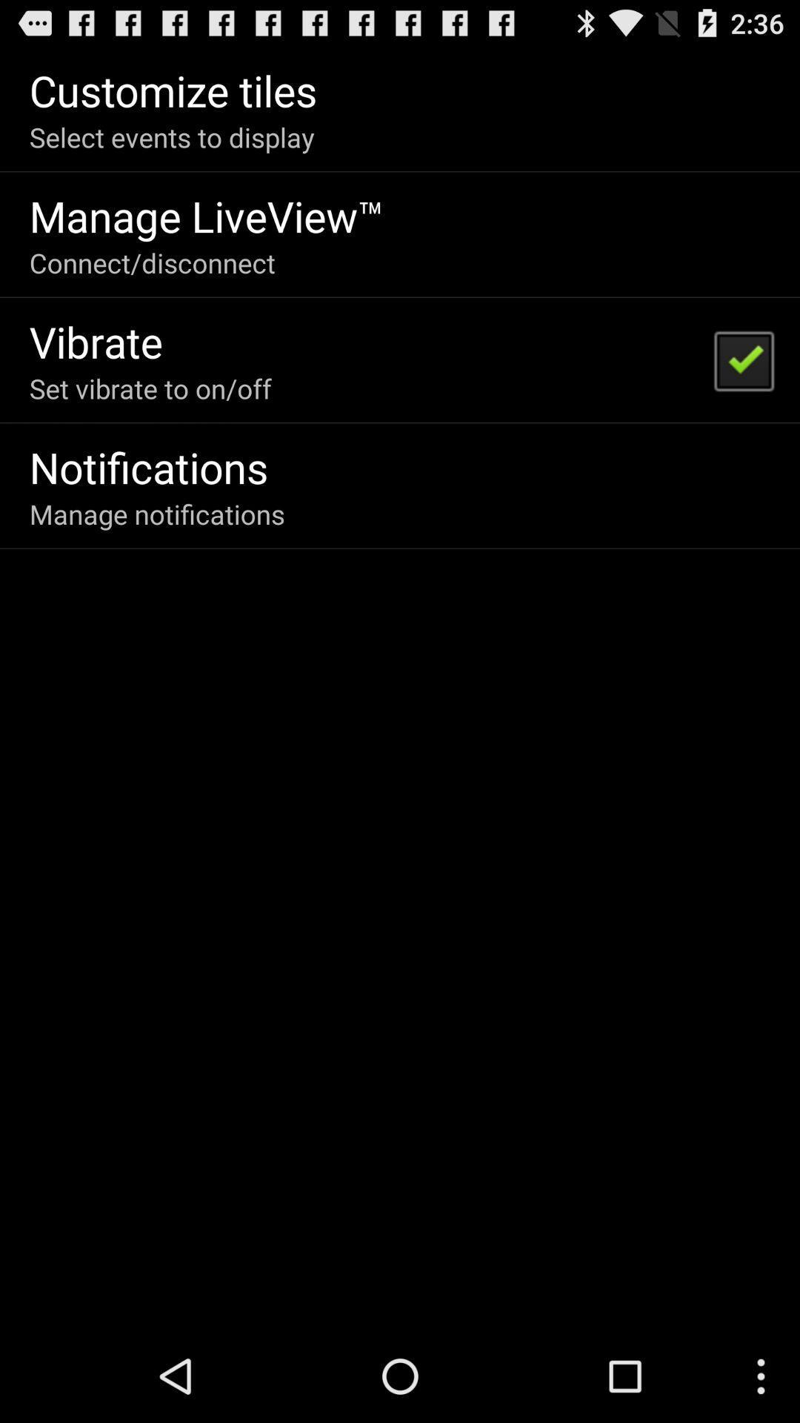 This screenshot has height=1423, width=800. I want to click on manage notifications on the left, so click(157, 514).